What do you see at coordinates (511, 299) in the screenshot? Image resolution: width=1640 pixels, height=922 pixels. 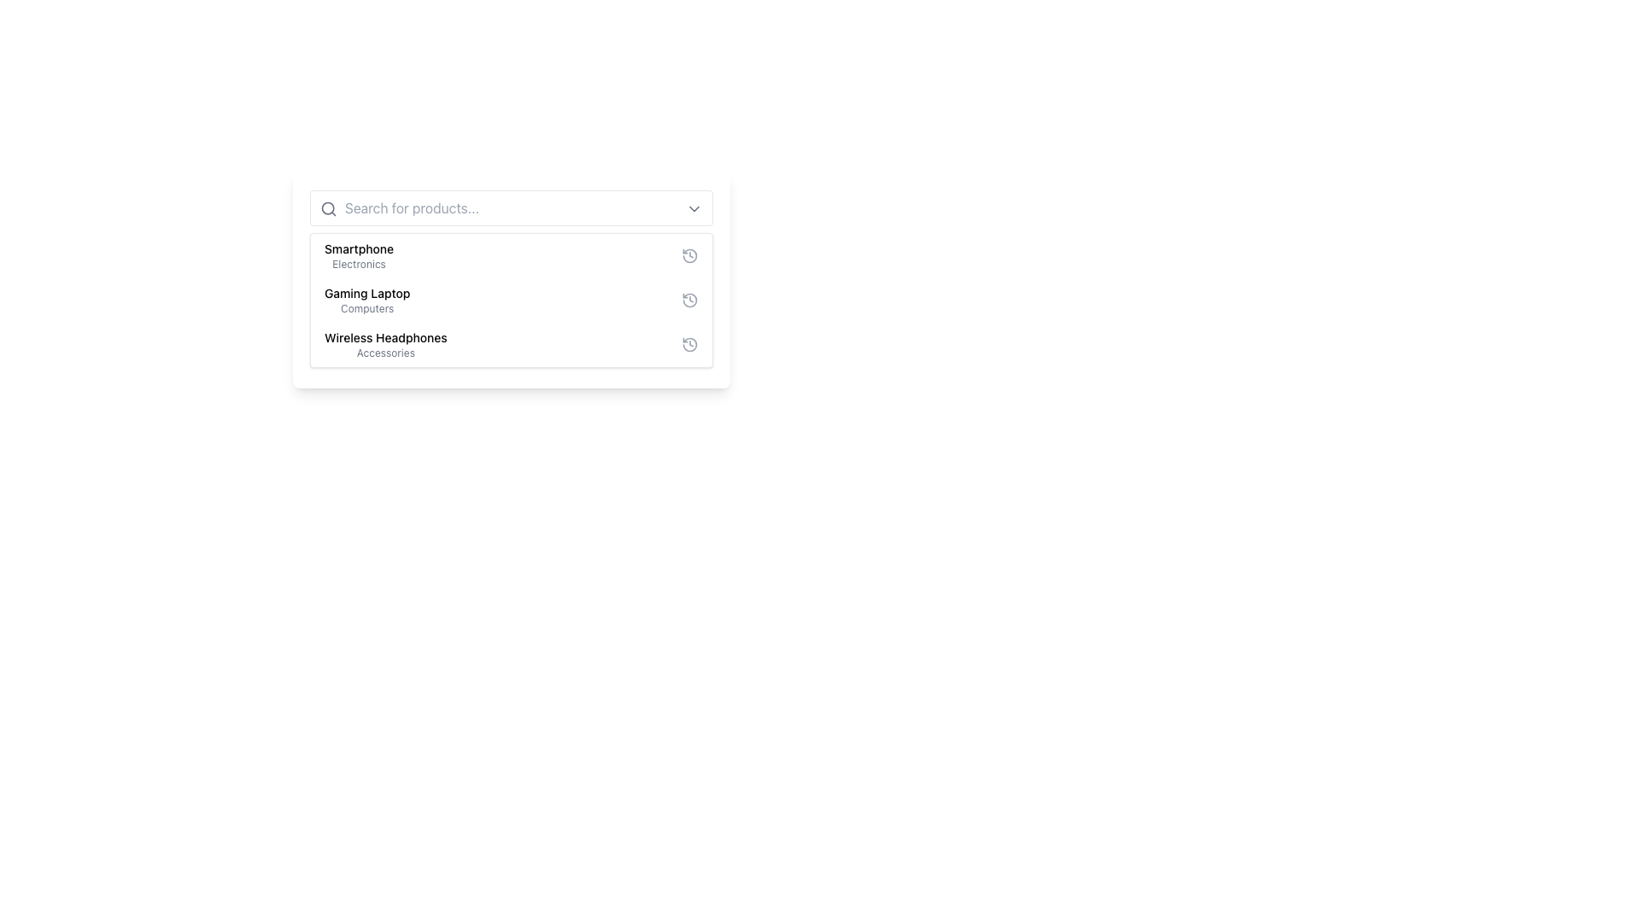 I see `the second list item in the dropdown interface that contains the title 'Gaming Laptop' and the subtitle 'Computers'` at bounding box center [511, 299].